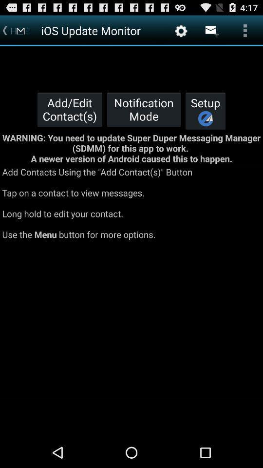 The width and height of the screenshot is (263, 468). What do you see at coordinates (211, 30) in the screenshot?
I see `button above the setup item` at bounding box center [211, 30].